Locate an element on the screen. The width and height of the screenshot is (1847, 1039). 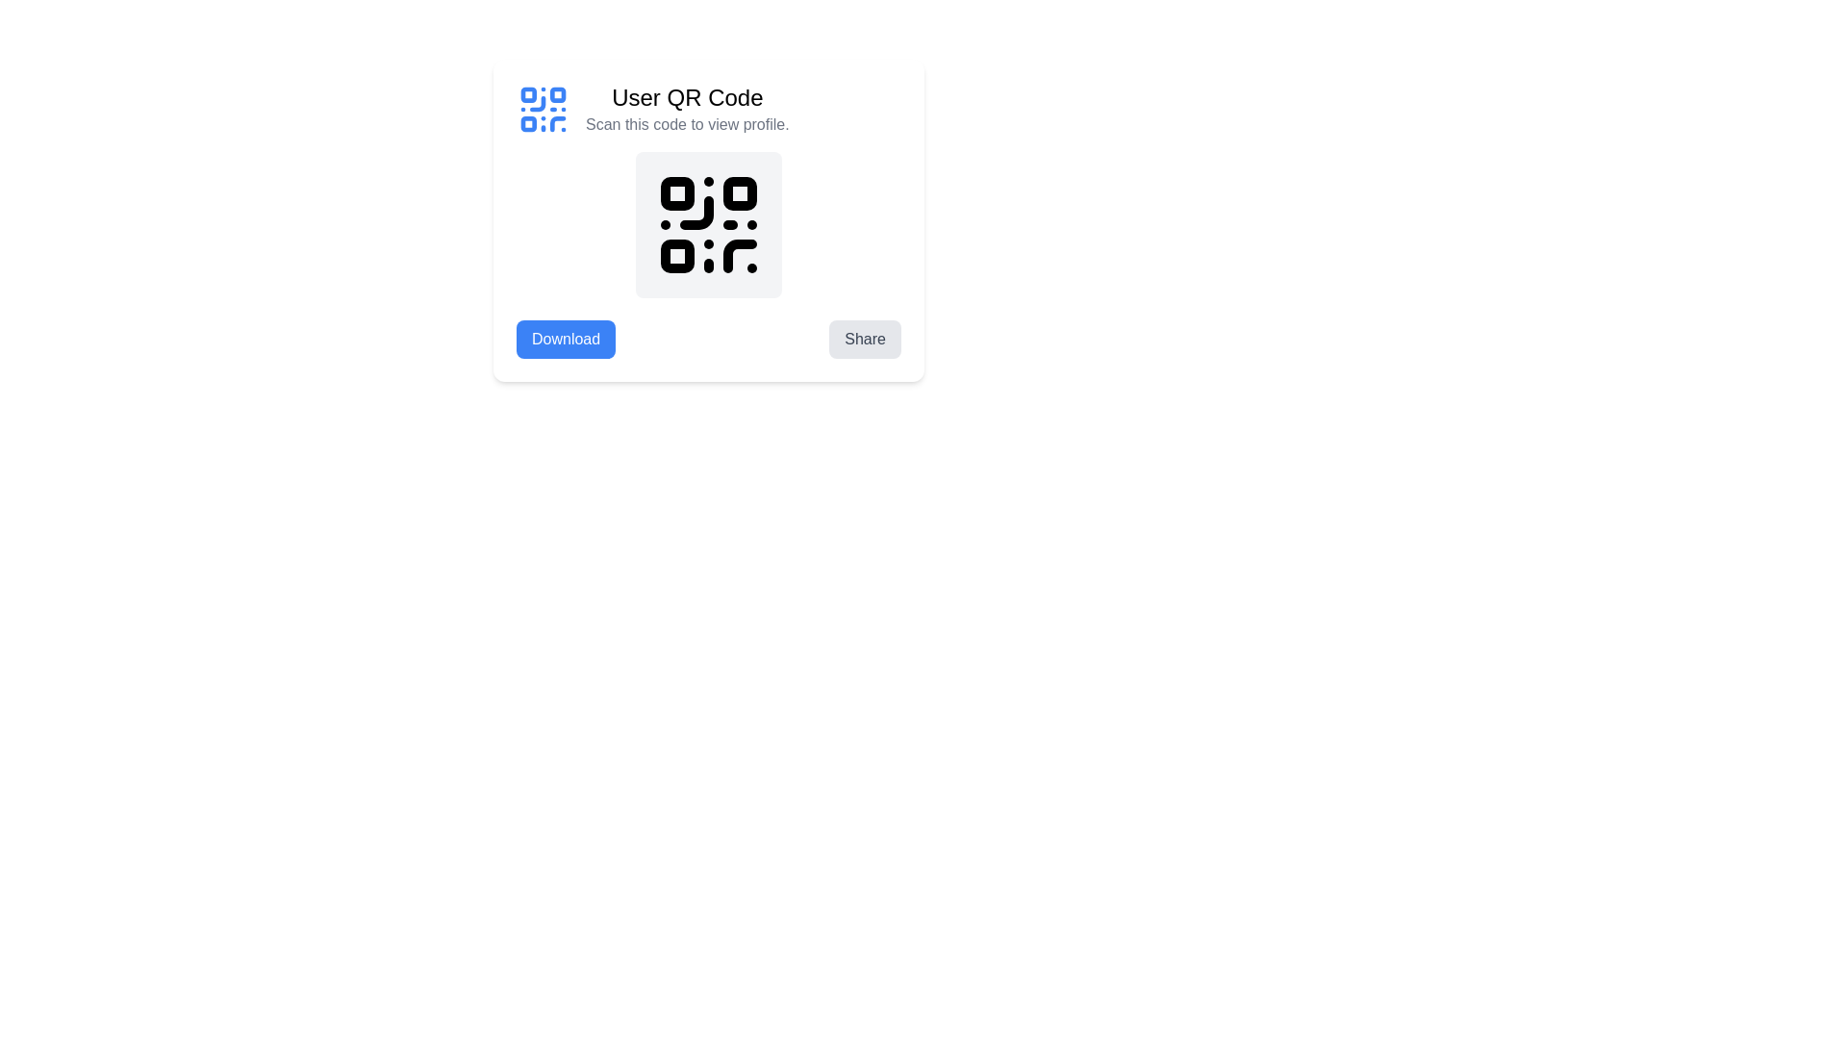
the share button located at the bottom-right side of the card layout is located at coordinates (864, 339).